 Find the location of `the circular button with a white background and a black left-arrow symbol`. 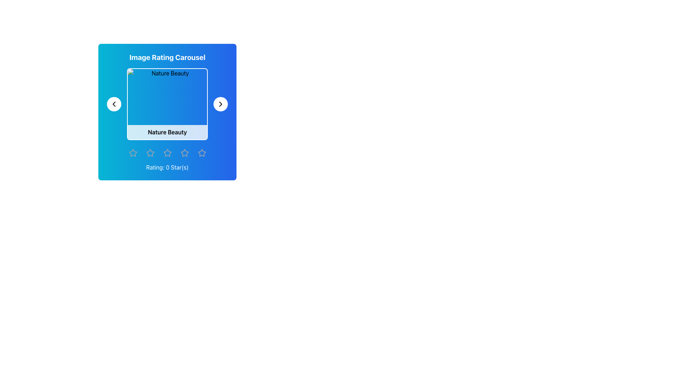

the circular button with a white background and a black left-arrow symbol is located at coordinates (113, 104).